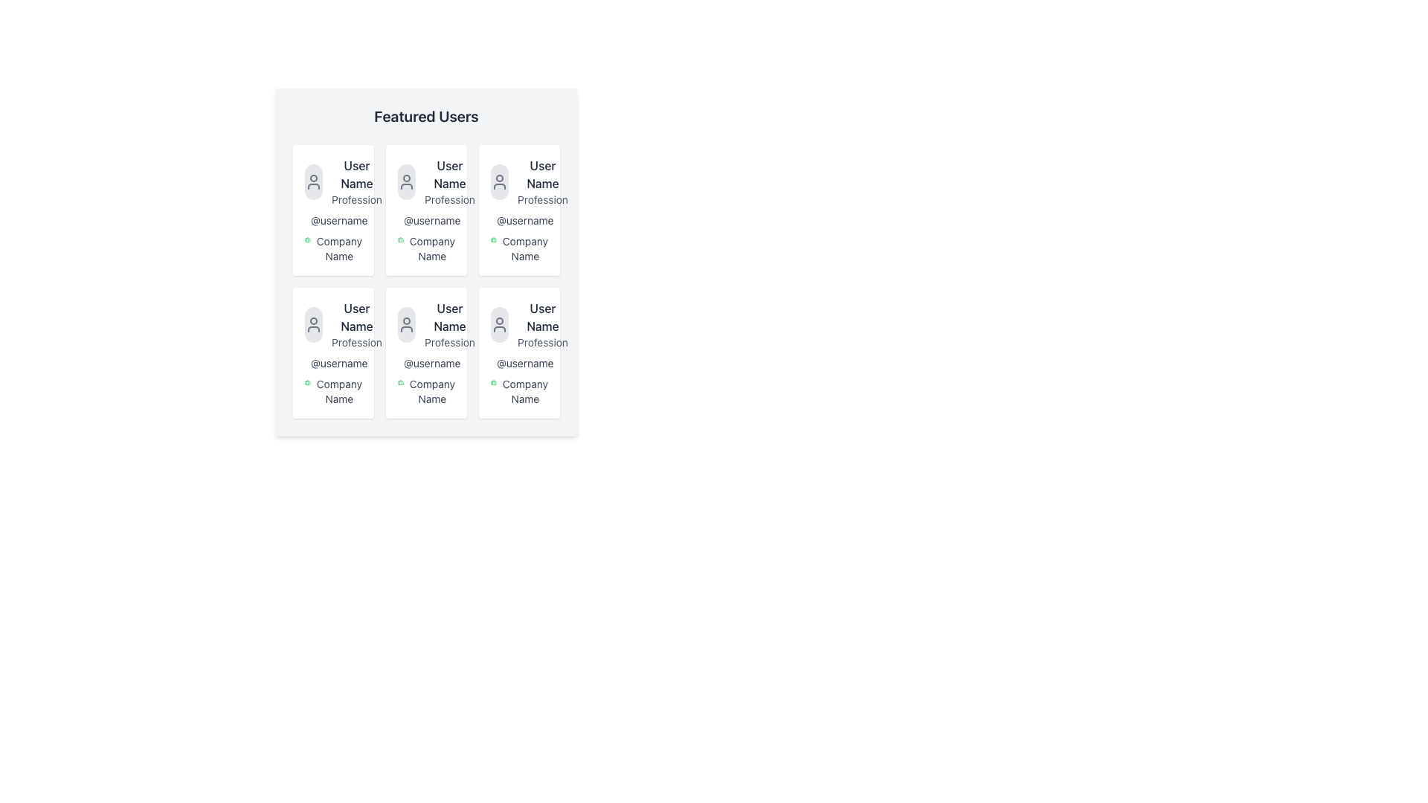 This screenshot has height=803, width=1428. Describe the element at coordinates (332, 364) in the screenshot. I see `the username or handle text located within the user card, which is positioned below 'Profession' and above 'Company Name' in the second row's leftmost column of the grid layout` at that location.